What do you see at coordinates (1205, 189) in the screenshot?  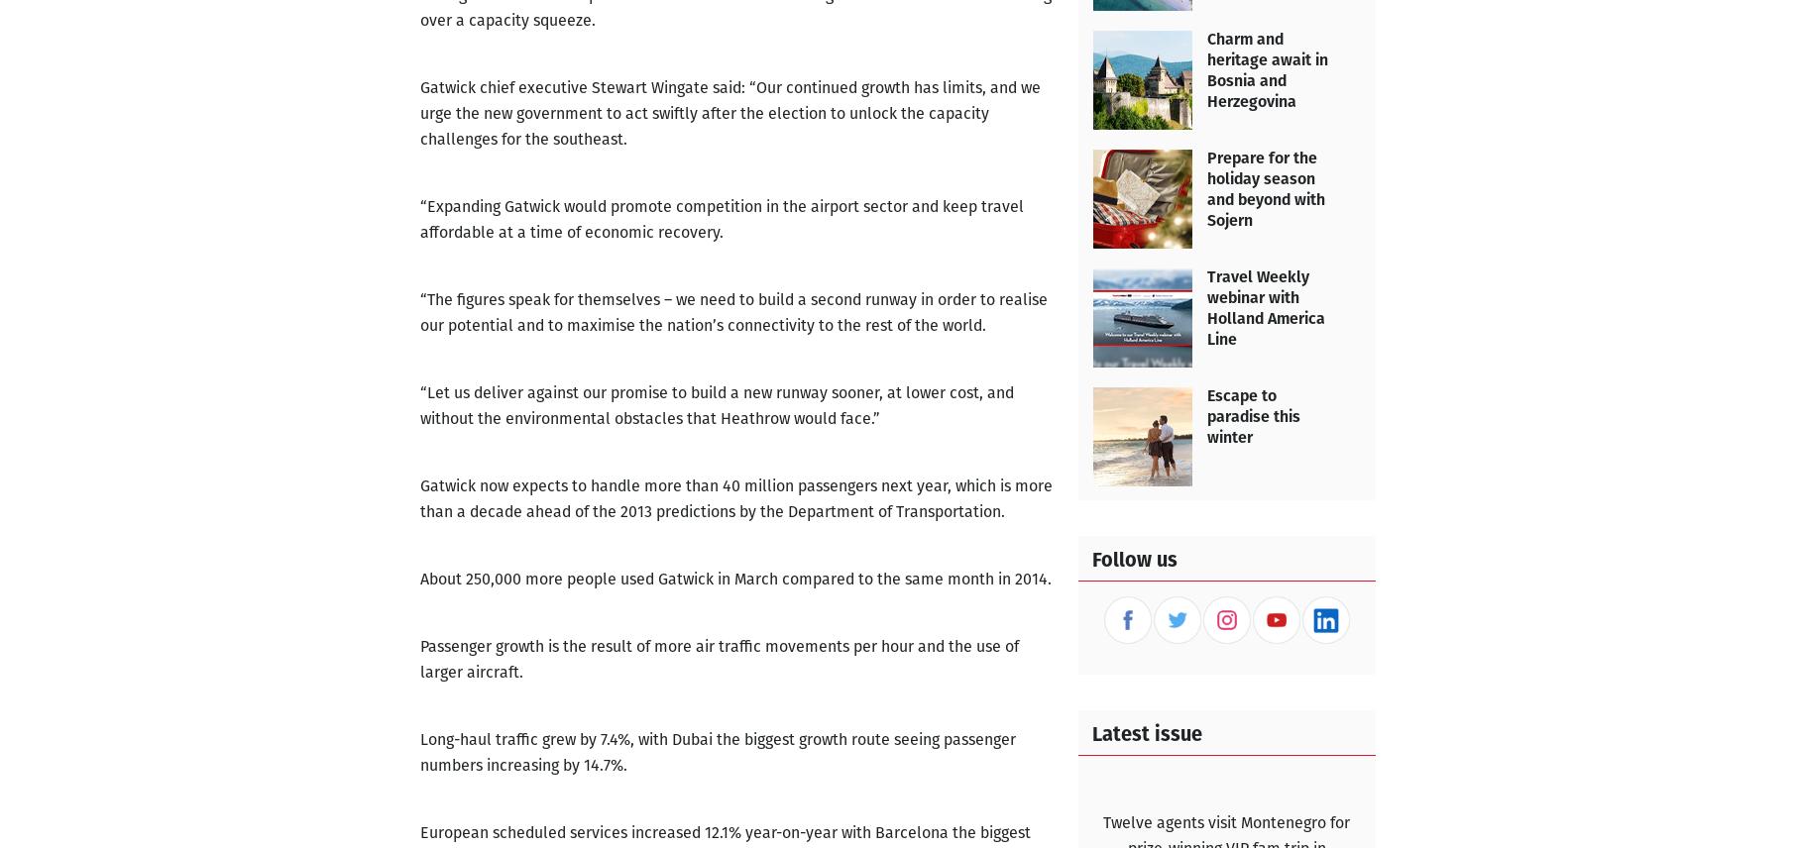 I see `'Prepare for the holiday season and beyond with Sojern'` at bounding box center [1205, 189].